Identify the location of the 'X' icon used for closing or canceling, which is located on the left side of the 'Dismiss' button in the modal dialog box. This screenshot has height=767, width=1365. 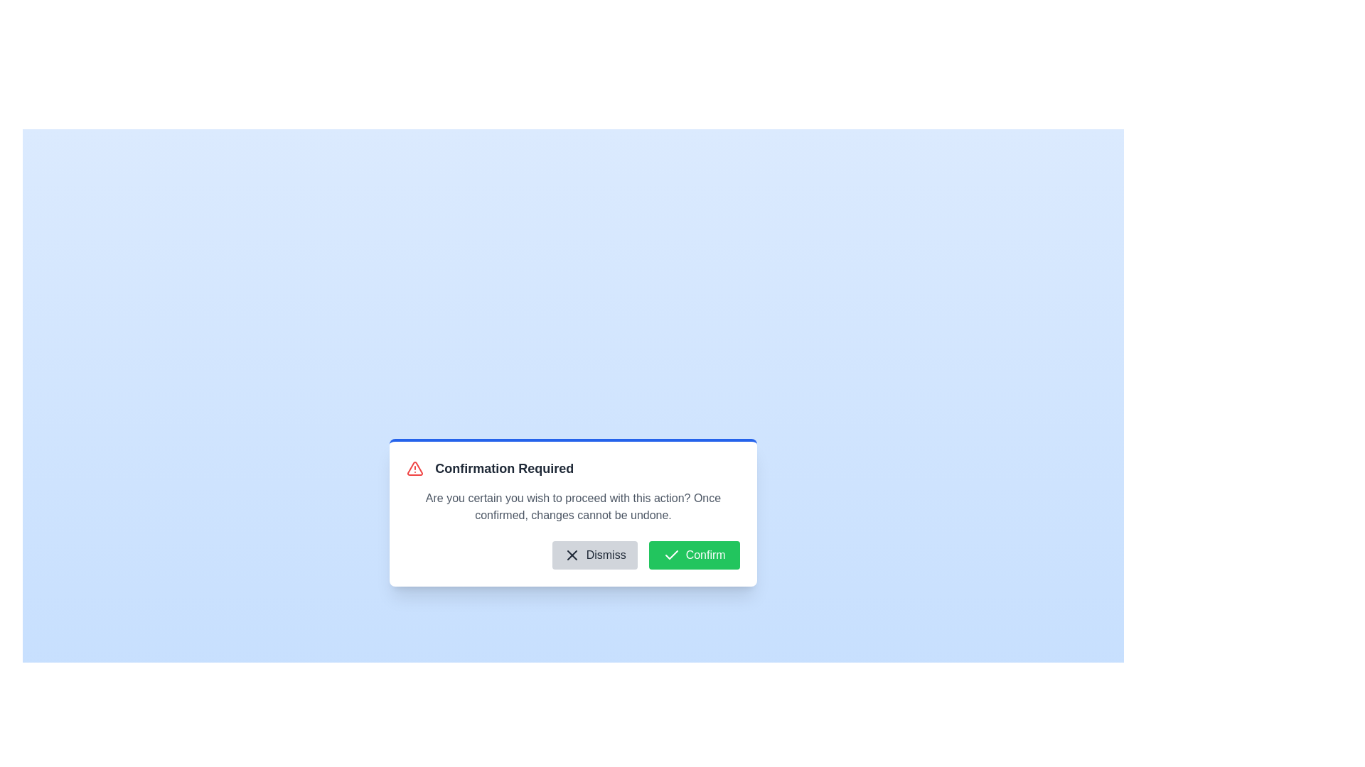
(572, 555).